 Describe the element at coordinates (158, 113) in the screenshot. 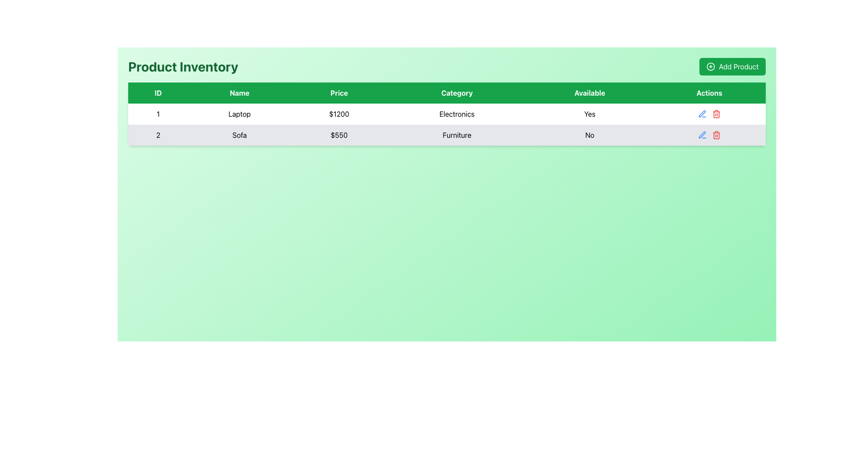

I see `the text display containing the digit '1'` at that location.